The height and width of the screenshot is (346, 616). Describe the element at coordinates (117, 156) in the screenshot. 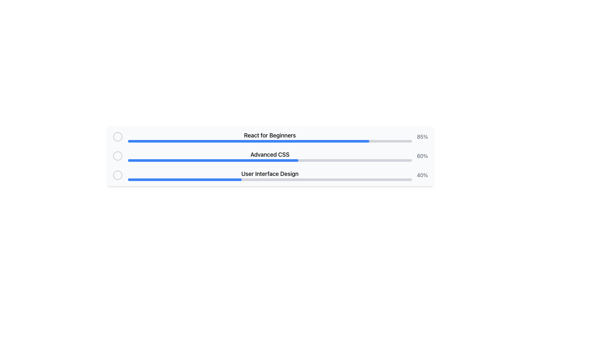

I see `the second radio button labeled 'Advanced CSS'` at that location.